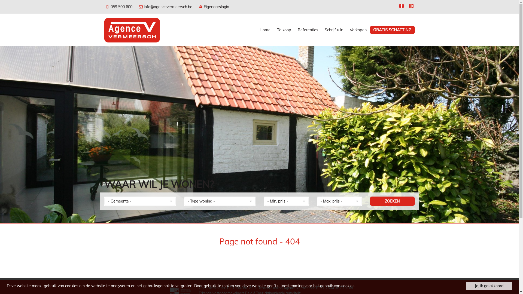 This screenshot has height=294, width=523. Describe the element at coordinates (408, 7) in the screenshot. I see `'Instagram'` at that location.